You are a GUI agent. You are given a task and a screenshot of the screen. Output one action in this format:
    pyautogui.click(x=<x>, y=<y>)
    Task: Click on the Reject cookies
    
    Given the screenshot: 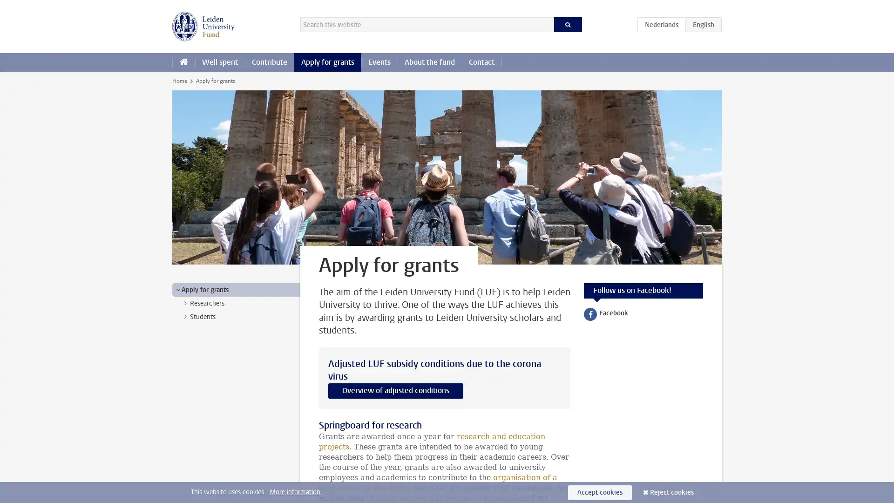 What is the action you would take?
    pyautogui.click(x=672, y=492)
    